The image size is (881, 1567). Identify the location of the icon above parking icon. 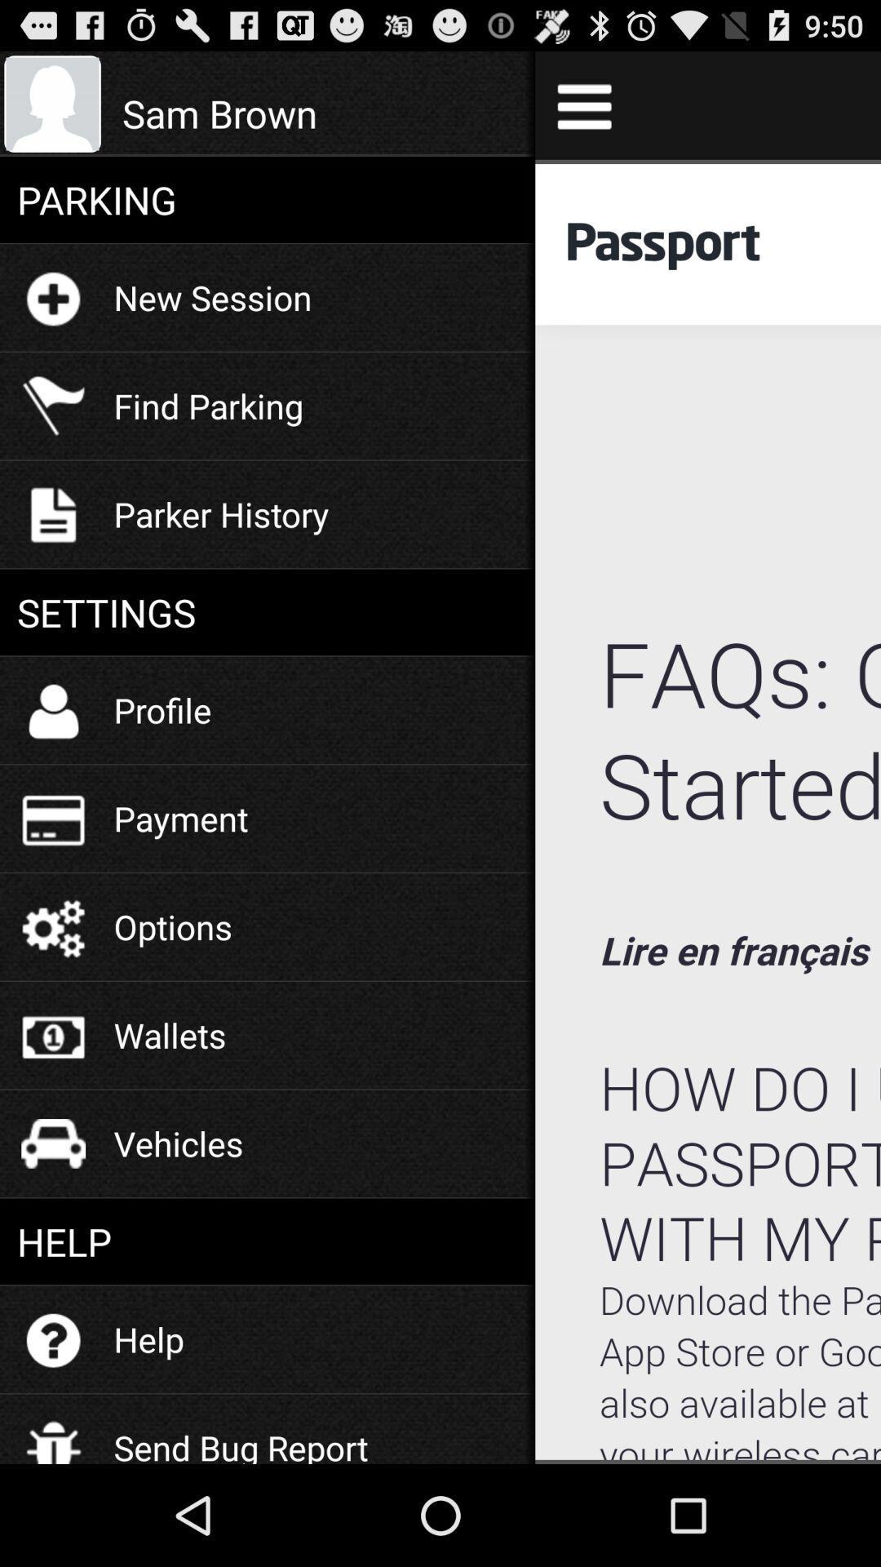
(320, 113).